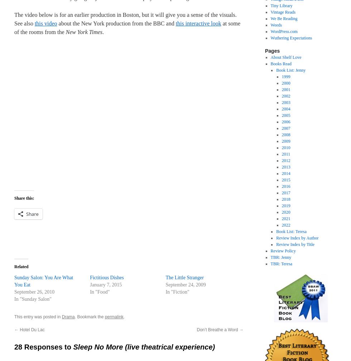 This screenshot has width=351, height=361. What do you see at coordinates (286, 141) in the screenshot?
I see `'2009'` at bounding box center [286, 141].